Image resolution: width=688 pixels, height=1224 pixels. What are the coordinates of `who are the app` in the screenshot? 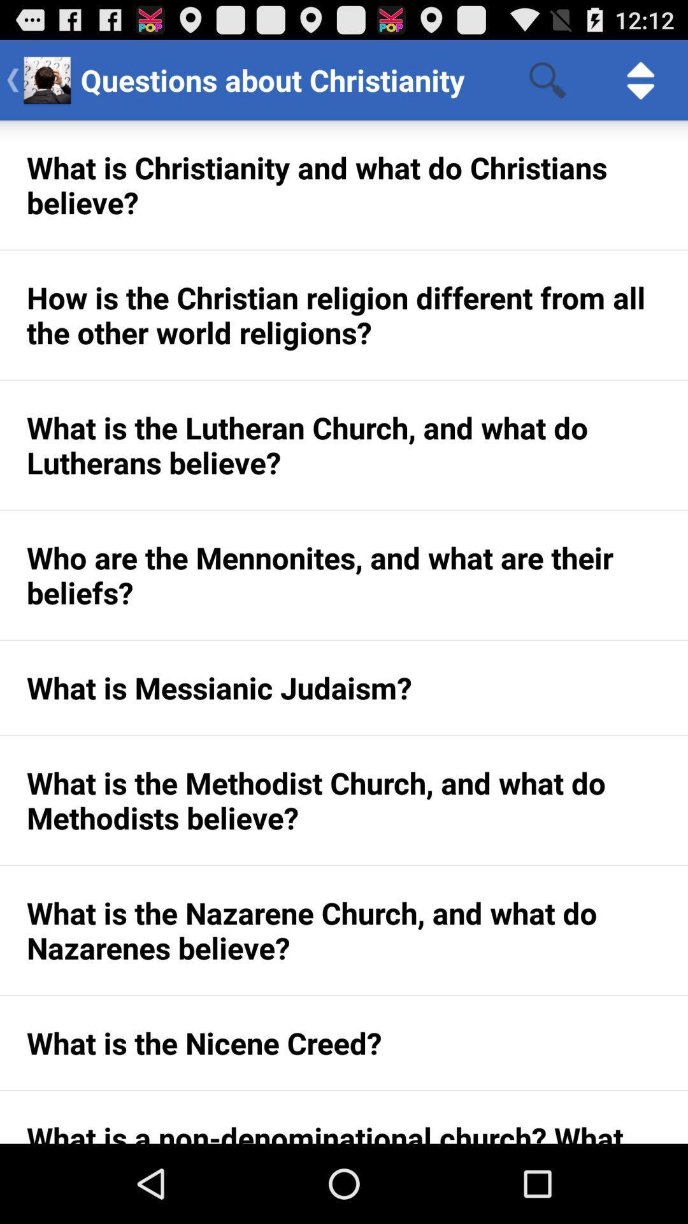 It's located at (344, 574).